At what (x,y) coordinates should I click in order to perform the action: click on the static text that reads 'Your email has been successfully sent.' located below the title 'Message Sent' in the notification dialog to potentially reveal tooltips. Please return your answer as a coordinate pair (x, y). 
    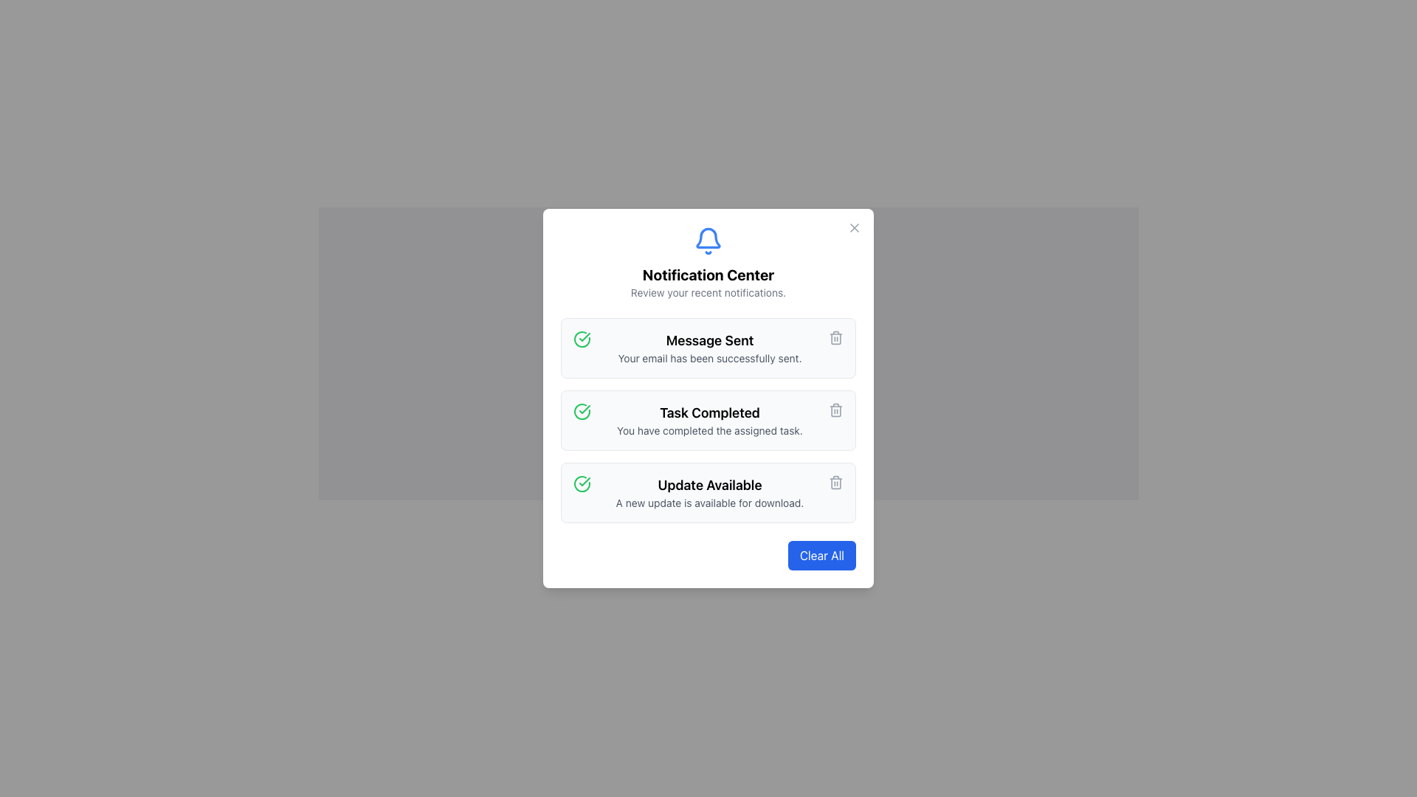
    Looking at the image, I should click on (709, 359).